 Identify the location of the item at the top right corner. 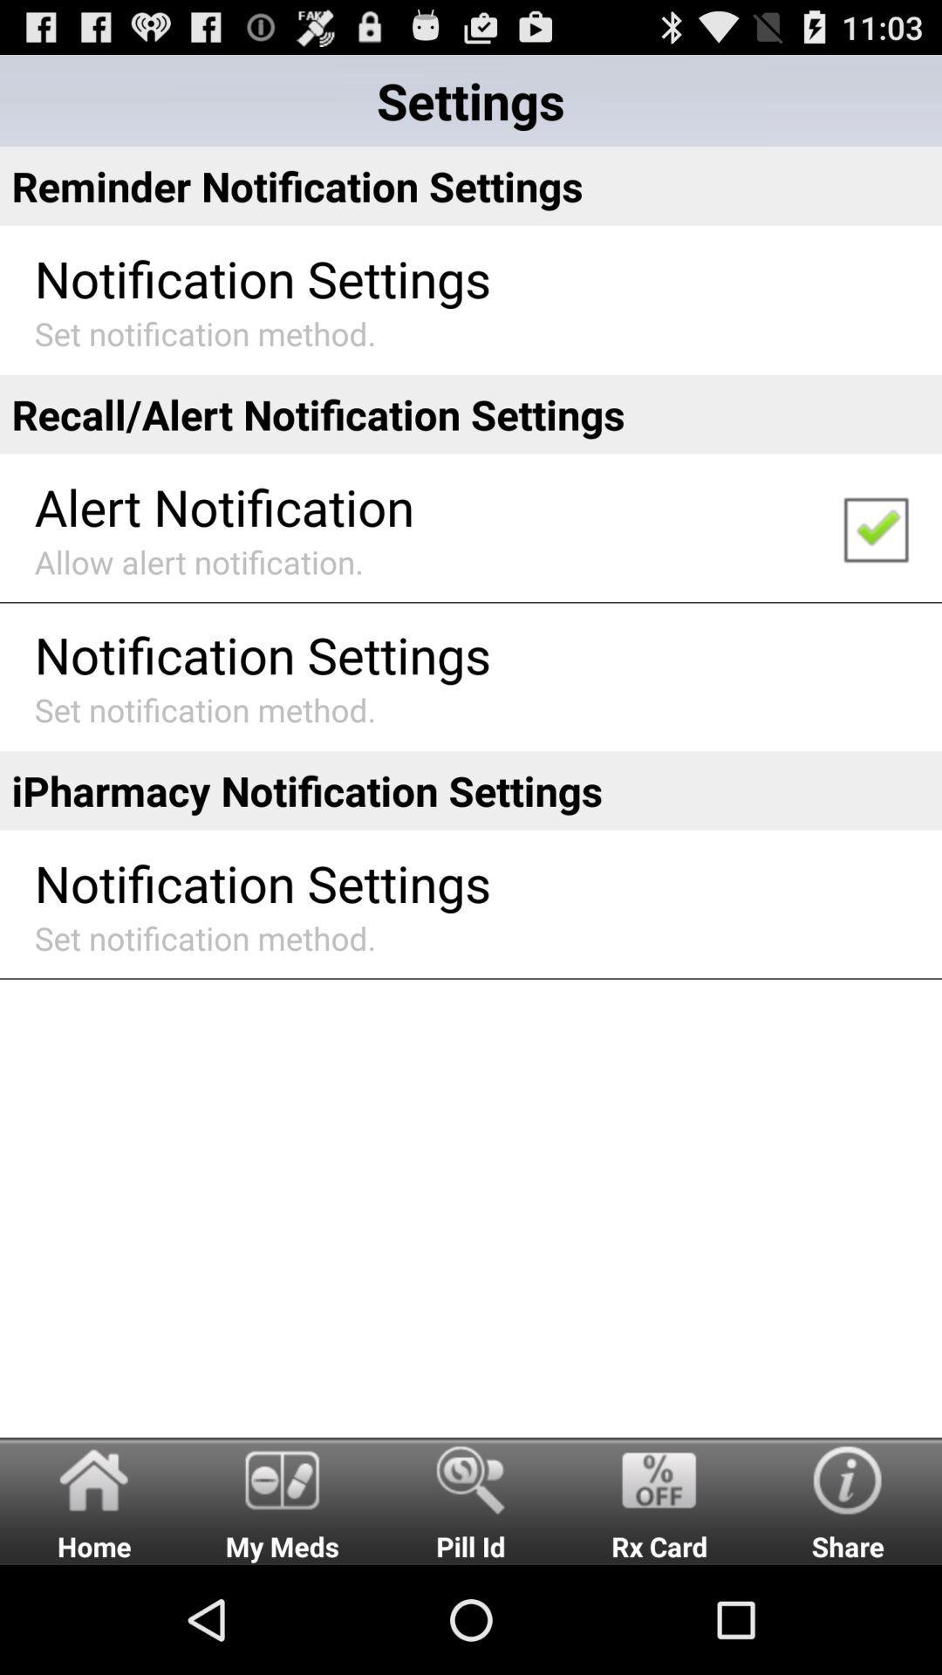
(875, 527).